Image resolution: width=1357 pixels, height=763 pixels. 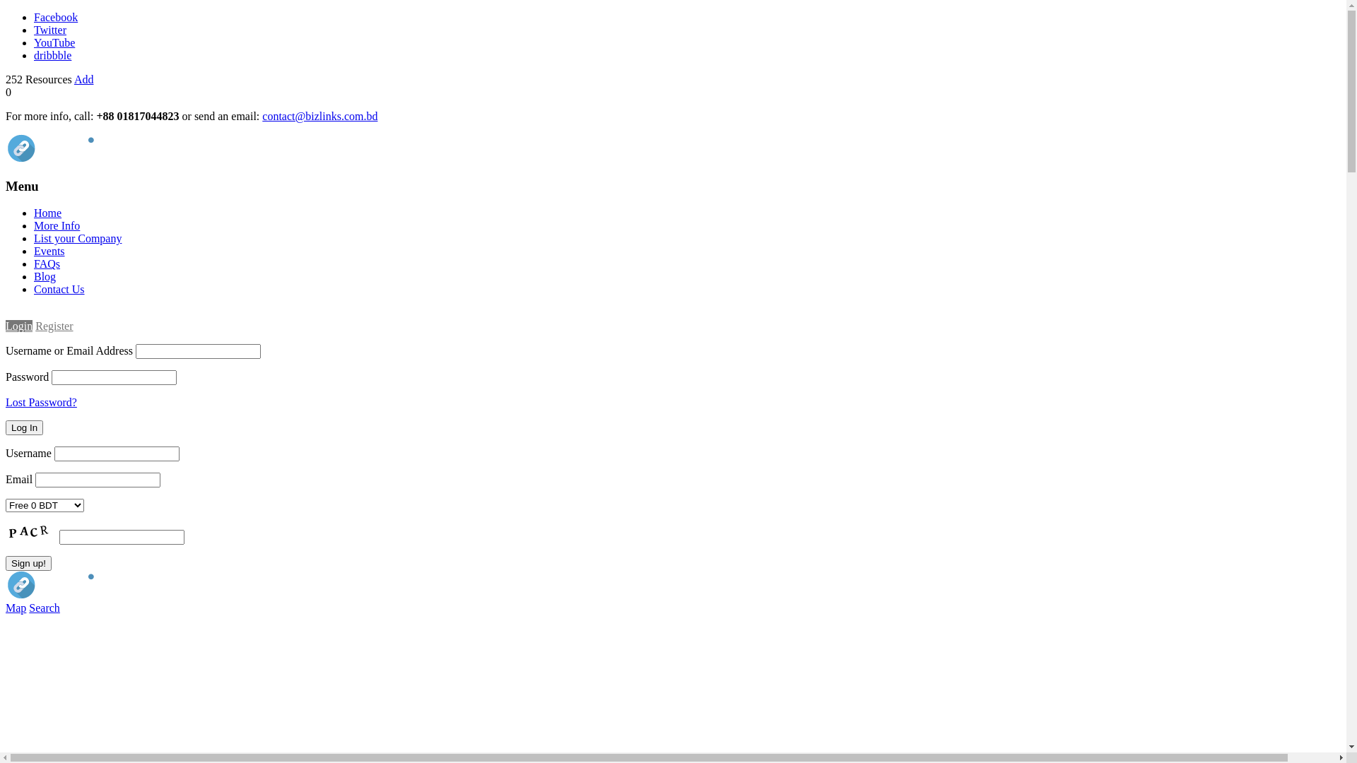 What do you see at coordinates (34, 225) in the screenshot?
I see `'More Info'` at bounding box center [34, 225].